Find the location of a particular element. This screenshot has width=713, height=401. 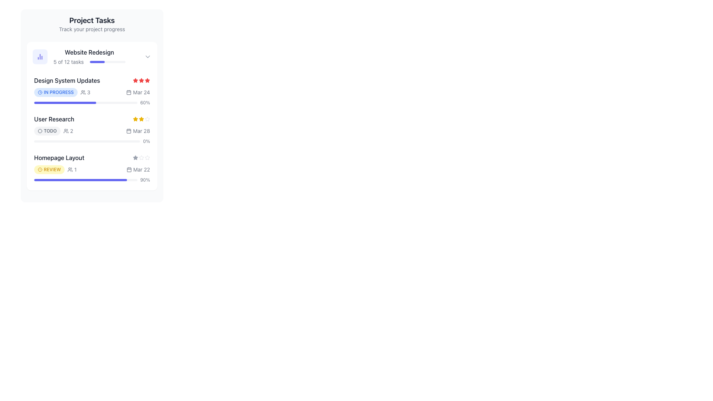

the user silhouette icon next to the numeral '1' located in the lower-right section of the 'Homepage Layout' task row, which is positioned to the right of a yellow 'REVIEW' badge and just to the left of the date entry 'Mar 22' is located at coordinates (72, 169).